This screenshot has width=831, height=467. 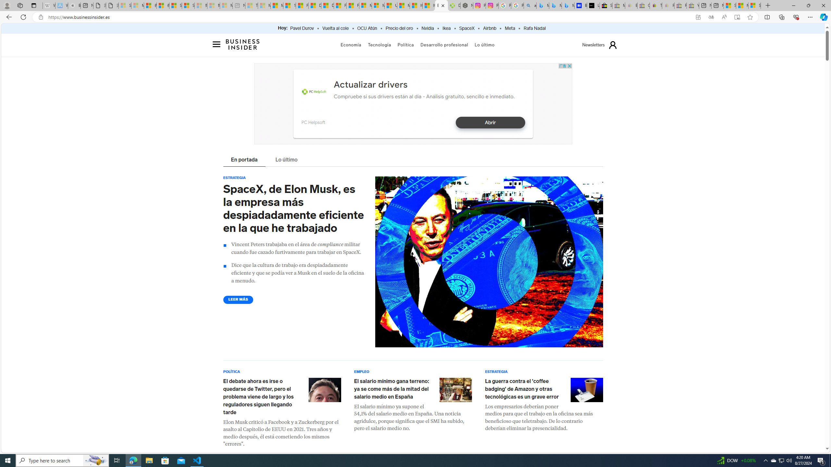 What do you see at coordinates (444, 44) in the screenshot?
I see `'Desarrollo profesional'` at bounding box center [444, 44].